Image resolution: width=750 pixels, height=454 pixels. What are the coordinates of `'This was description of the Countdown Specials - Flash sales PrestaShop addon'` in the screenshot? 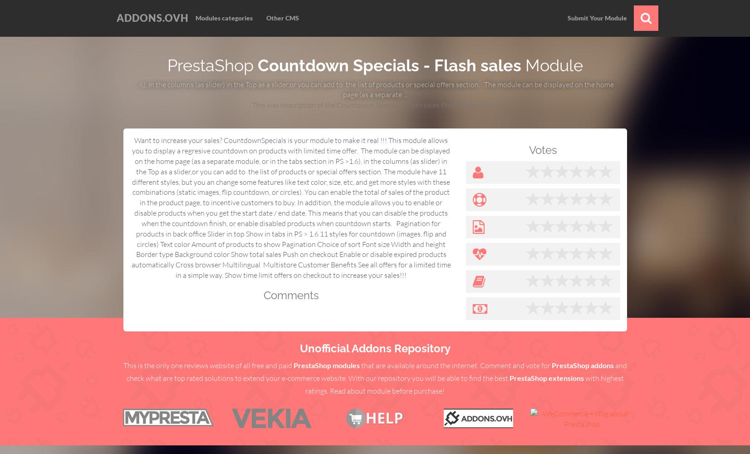 It's located at (374, 104).